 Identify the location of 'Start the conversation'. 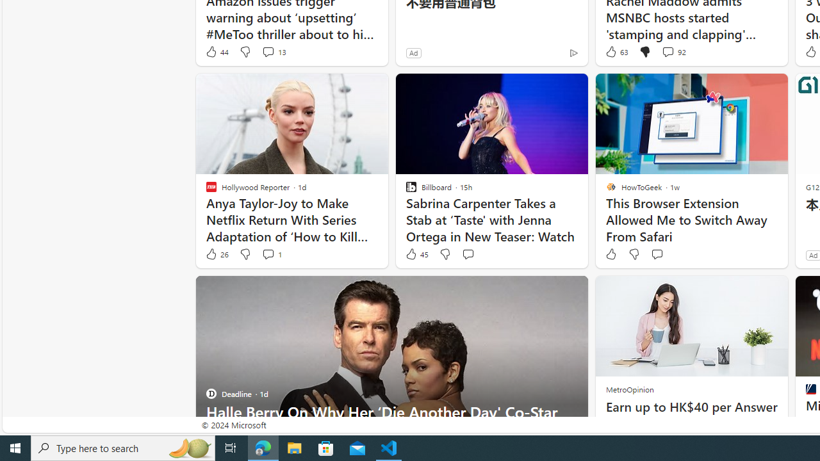
(657, 254).